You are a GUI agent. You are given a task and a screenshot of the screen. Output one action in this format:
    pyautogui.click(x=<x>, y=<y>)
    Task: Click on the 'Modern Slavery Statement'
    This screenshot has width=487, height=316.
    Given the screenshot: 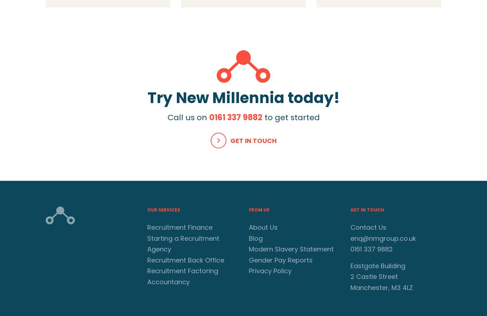 What is the action you would take?
    pyautogui.click(x=291, y=249)
    